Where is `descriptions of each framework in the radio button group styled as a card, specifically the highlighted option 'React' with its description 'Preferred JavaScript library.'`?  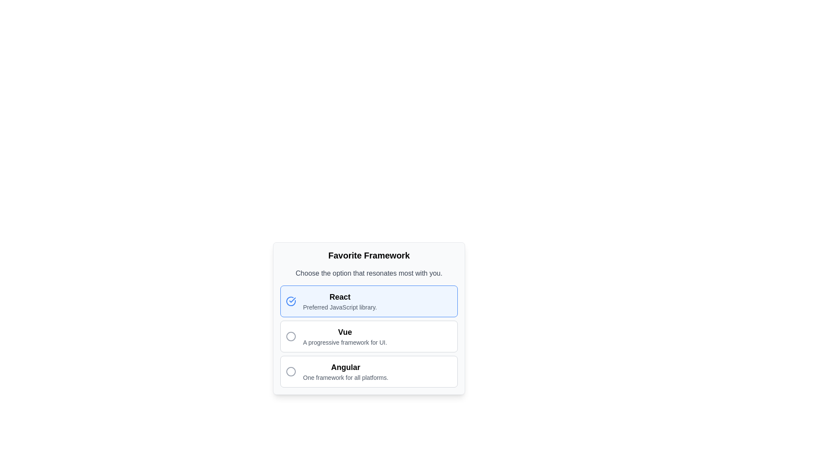 descriptions of each framework in the radio button group styled as a card, specifically the highlighted option 'React' with its description 'Preferred JavaScript library.' is located at coordinates (369, 319).